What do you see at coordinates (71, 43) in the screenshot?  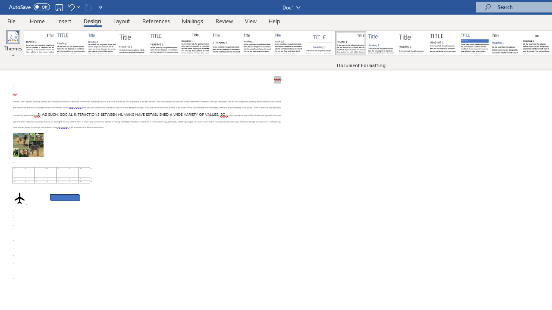 I see `'Basic (Elegant)'` at bounding box center [71, 43].